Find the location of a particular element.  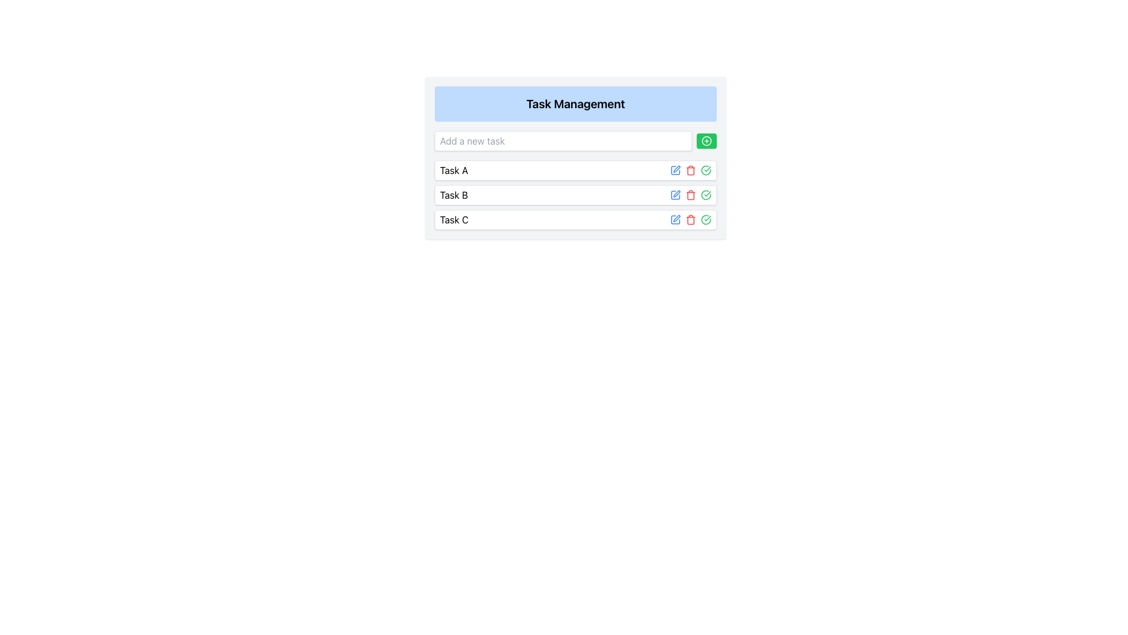

the task label that is the second item in the vertical list of tasks in the task management system is located at coordinates (453, 194).